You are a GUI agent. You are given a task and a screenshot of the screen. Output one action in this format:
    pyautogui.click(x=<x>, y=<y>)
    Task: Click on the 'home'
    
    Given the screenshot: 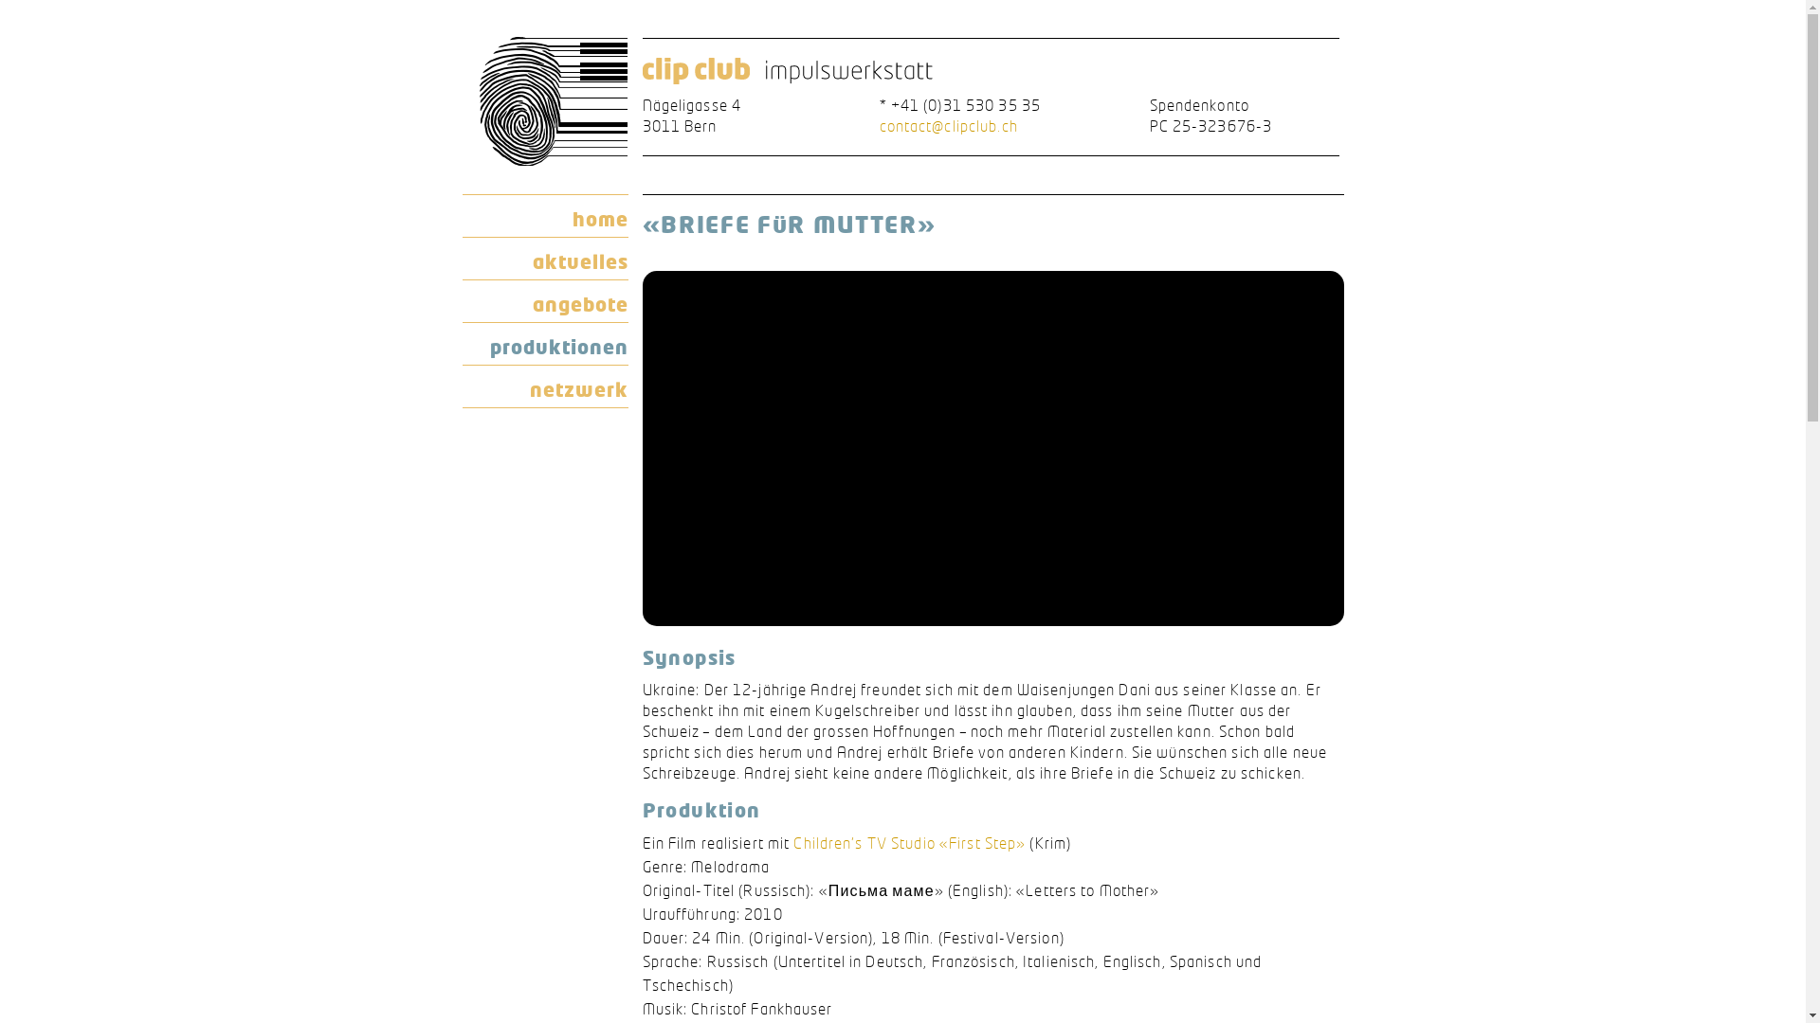 What is the action you would take?
    pyautogui.click(x=544, y=214)
    